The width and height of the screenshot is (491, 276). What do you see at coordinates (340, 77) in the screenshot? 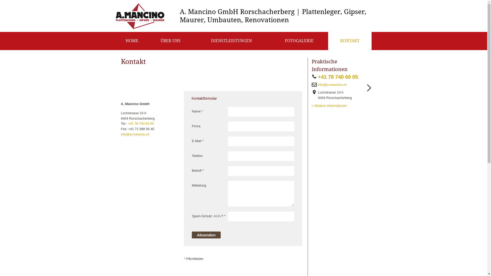
I see `'+41 78 740 60 05'` at bounding box center [340, 77].